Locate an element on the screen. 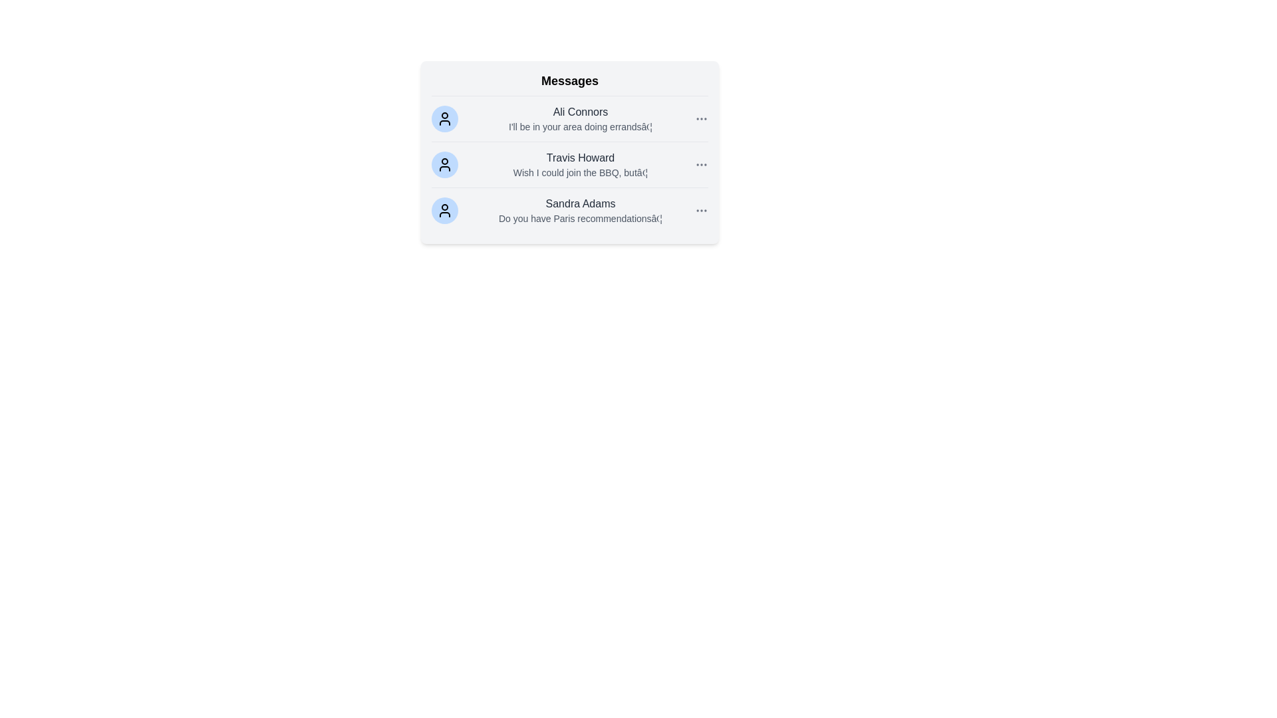 This screenshot has height=718, width=1277. the text display element that shows the phrase 'Wish I could join the BBQ, but…', located below the header 'Travis Howard' in the messaging interface is located at coordinates (581, 172).